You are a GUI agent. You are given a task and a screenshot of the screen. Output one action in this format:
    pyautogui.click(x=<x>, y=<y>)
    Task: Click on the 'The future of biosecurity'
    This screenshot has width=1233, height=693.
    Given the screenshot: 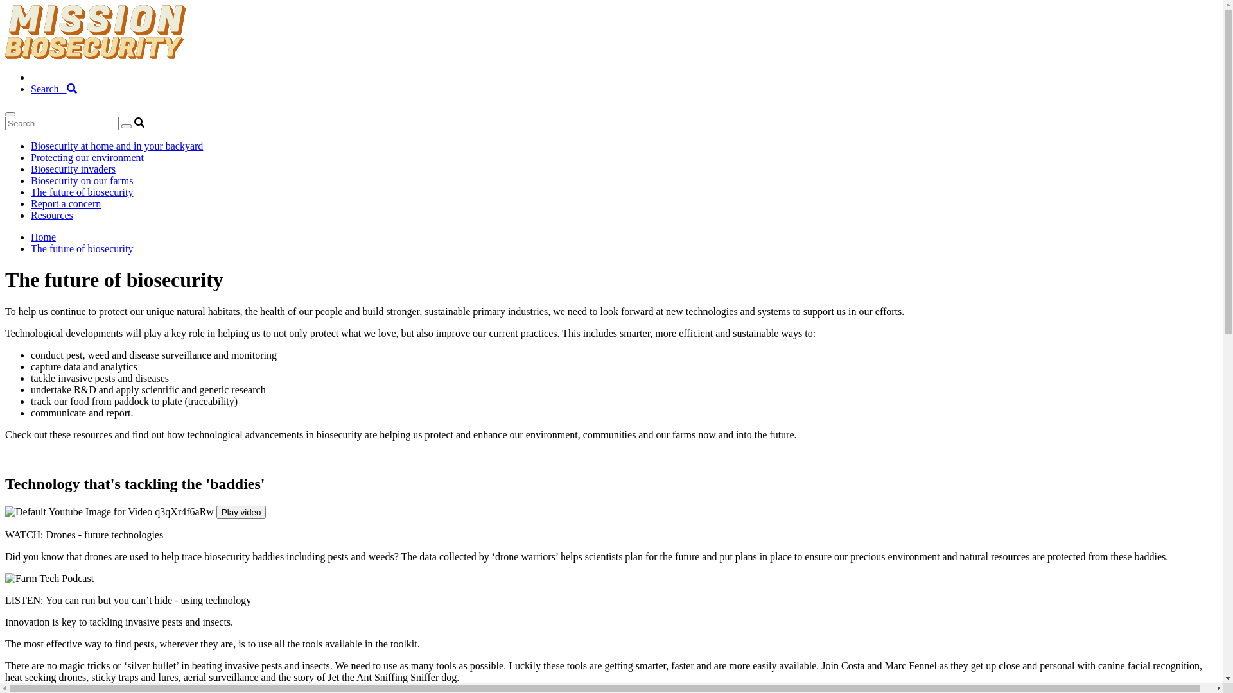 What is the action you would take?
    pyautogui.click(x=82, y=192)
    